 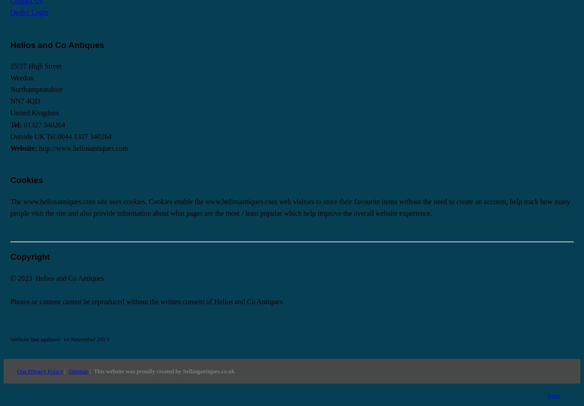 What do you see at coordinates (57, 277) in the screenshot?
I see `'© 2023  
                                Helios and Co Antiques'` at bounding box center [57, 277].